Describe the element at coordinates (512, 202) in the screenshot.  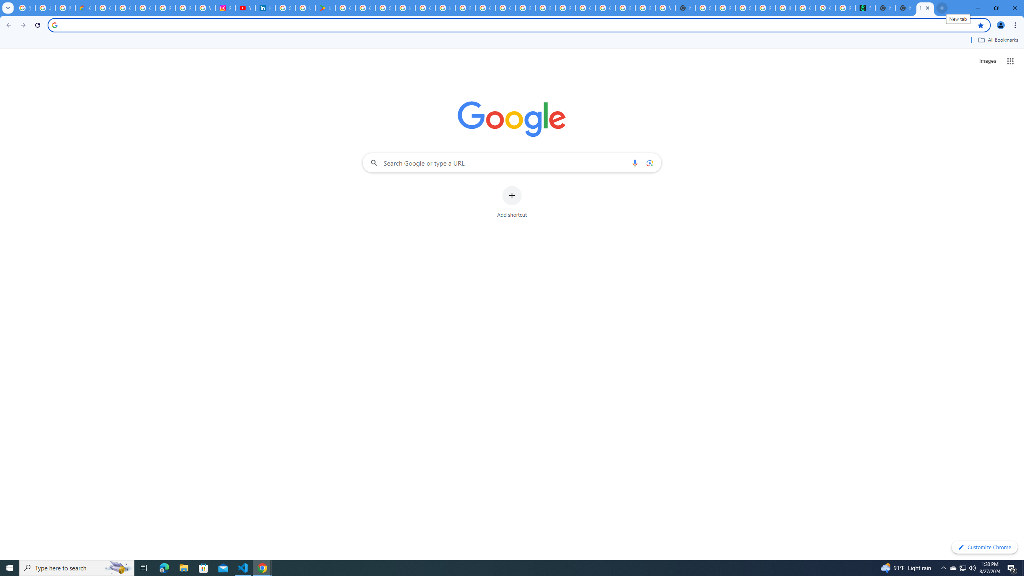
I see `'Add shortcut'` at that location.